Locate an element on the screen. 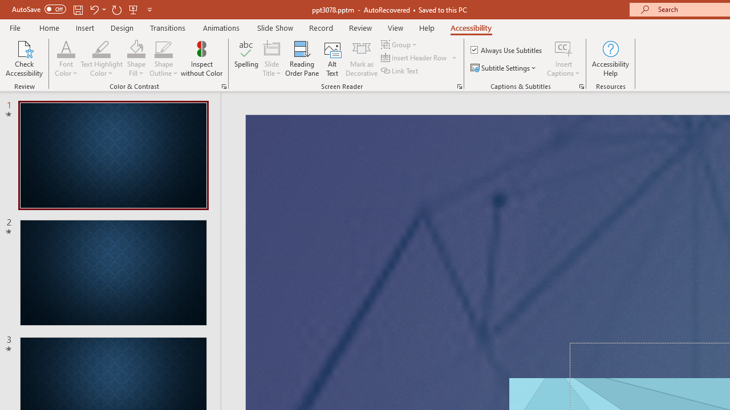  'Shape Outline' is located at coordinates (163, 48).